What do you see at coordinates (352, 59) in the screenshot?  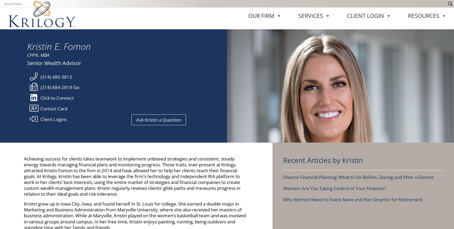 I see `'Why Women Need to Invest More and Plan Smarter for Retirement'` at bounding box center [352, 59].